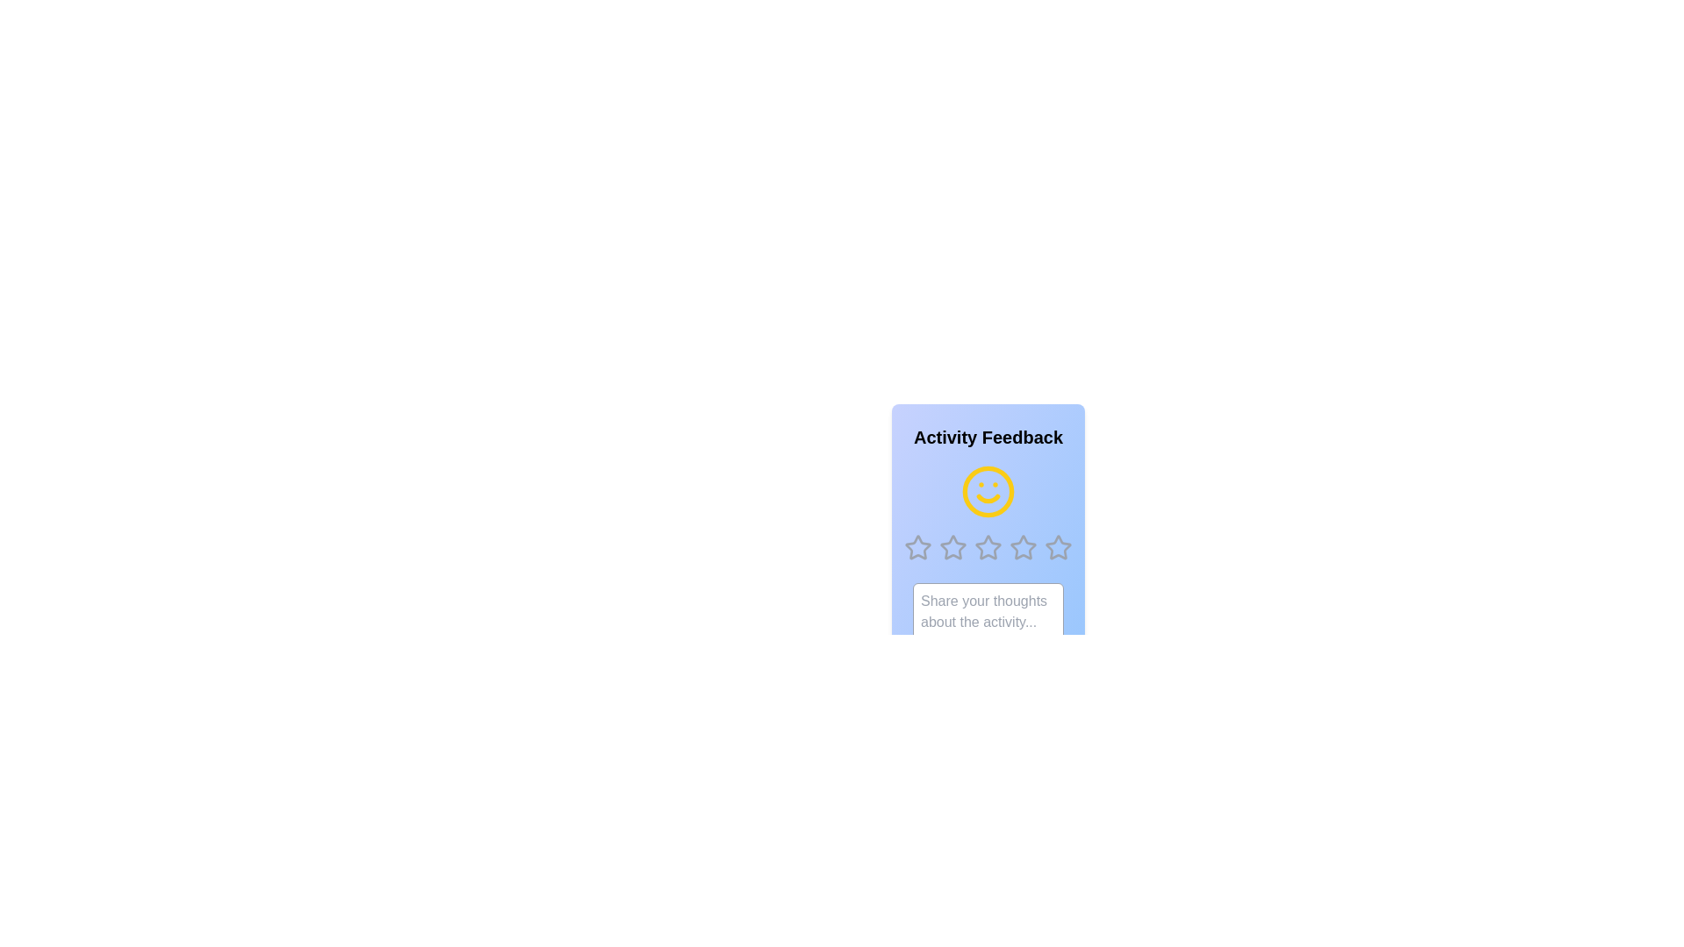 Image resolution: width=1684 pixels, height=947 pixels. Describe the element at coordinates (1023, 546) in the screenshot. I see `the fourth star rating icon, which has a gray outline and a hollow center` at that location.